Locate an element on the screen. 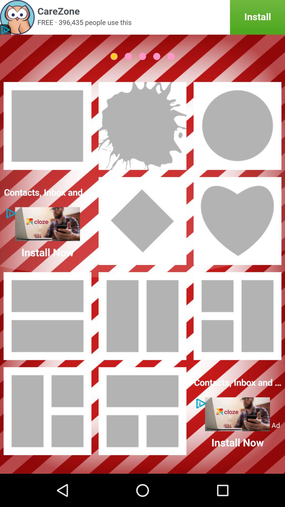 The width and height of the screenshot is (285, 507). choose photo grid layout with three picture option is located at coordinates (47, 411).